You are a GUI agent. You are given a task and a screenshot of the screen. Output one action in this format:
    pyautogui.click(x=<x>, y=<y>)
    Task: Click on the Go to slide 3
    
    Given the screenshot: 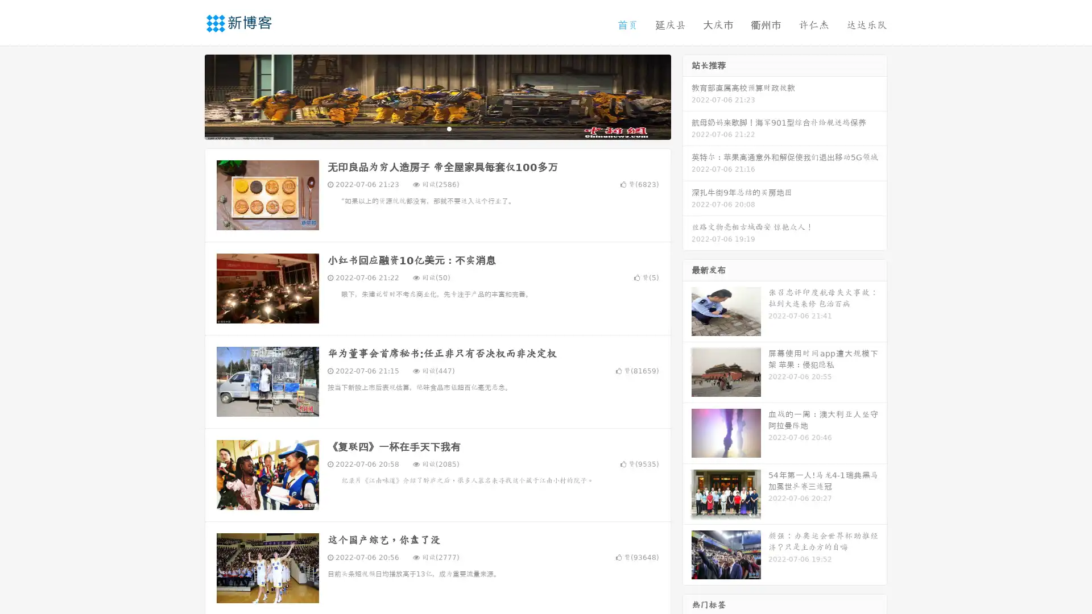 What is the action you would take?
    pyautogui.click(x=449, y=128)
    